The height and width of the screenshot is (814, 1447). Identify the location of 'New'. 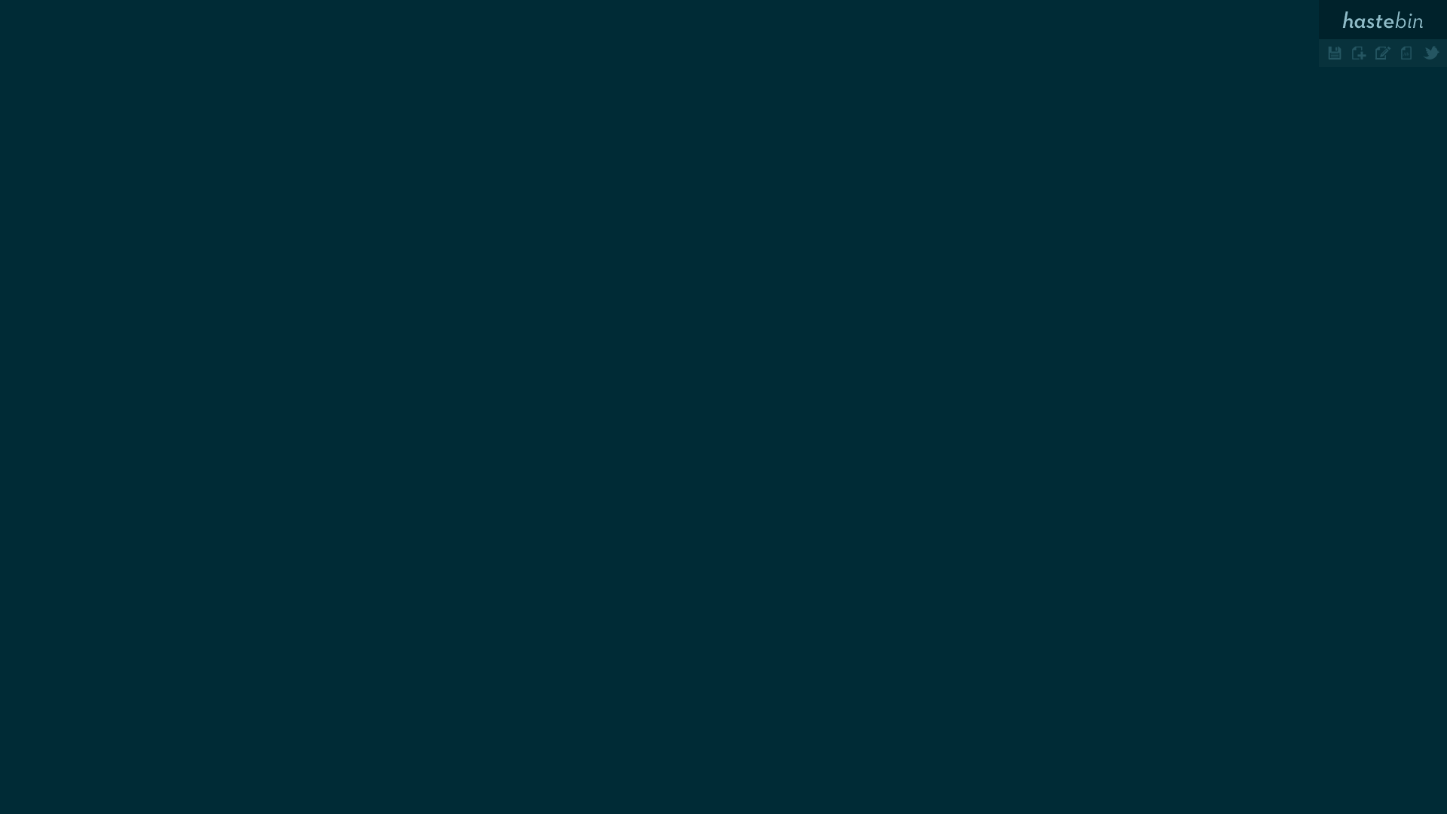
(1359, 52).